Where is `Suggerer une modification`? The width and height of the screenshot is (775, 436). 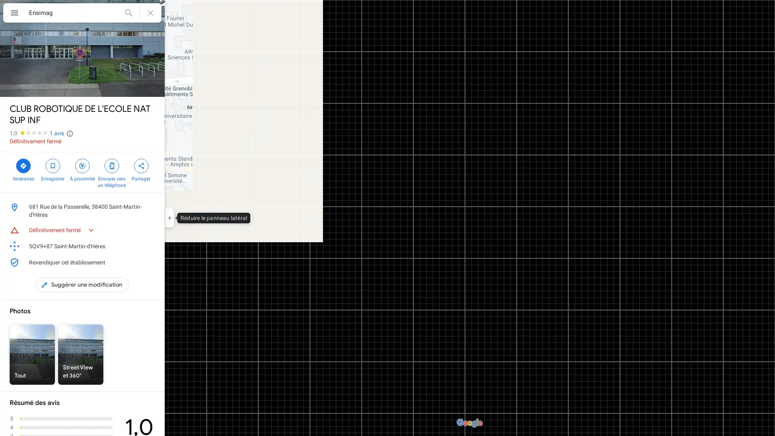
Suggerer une modification is located at coordinates (82, 284).